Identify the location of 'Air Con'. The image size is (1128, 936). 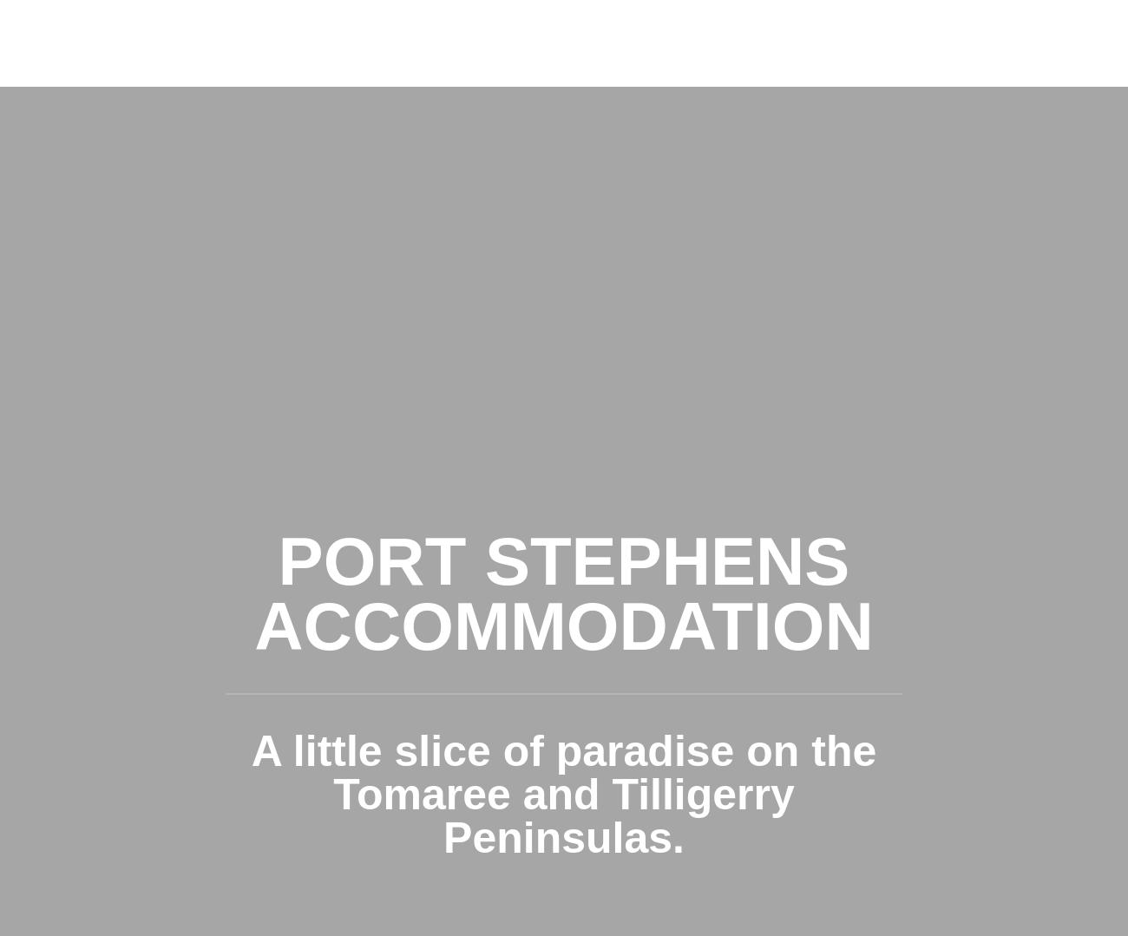
(545, 356).